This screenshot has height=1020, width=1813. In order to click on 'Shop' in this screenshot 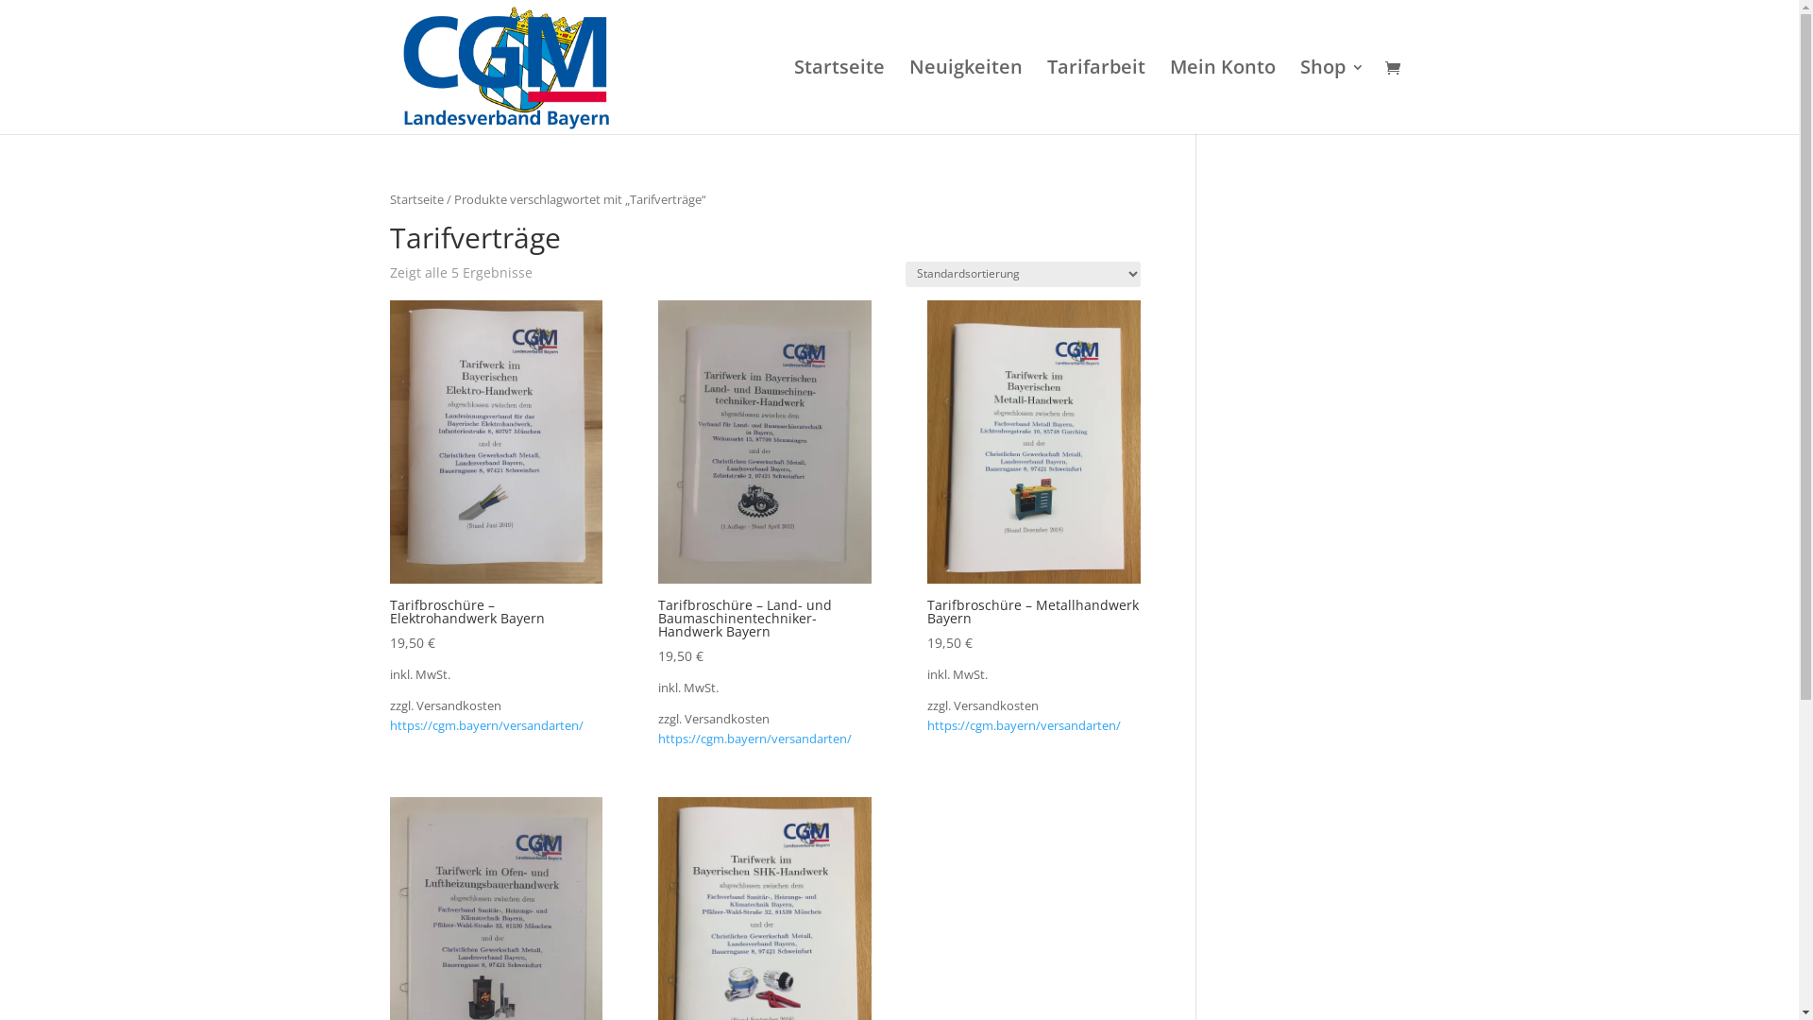, I will do `click(1298, 97)`.